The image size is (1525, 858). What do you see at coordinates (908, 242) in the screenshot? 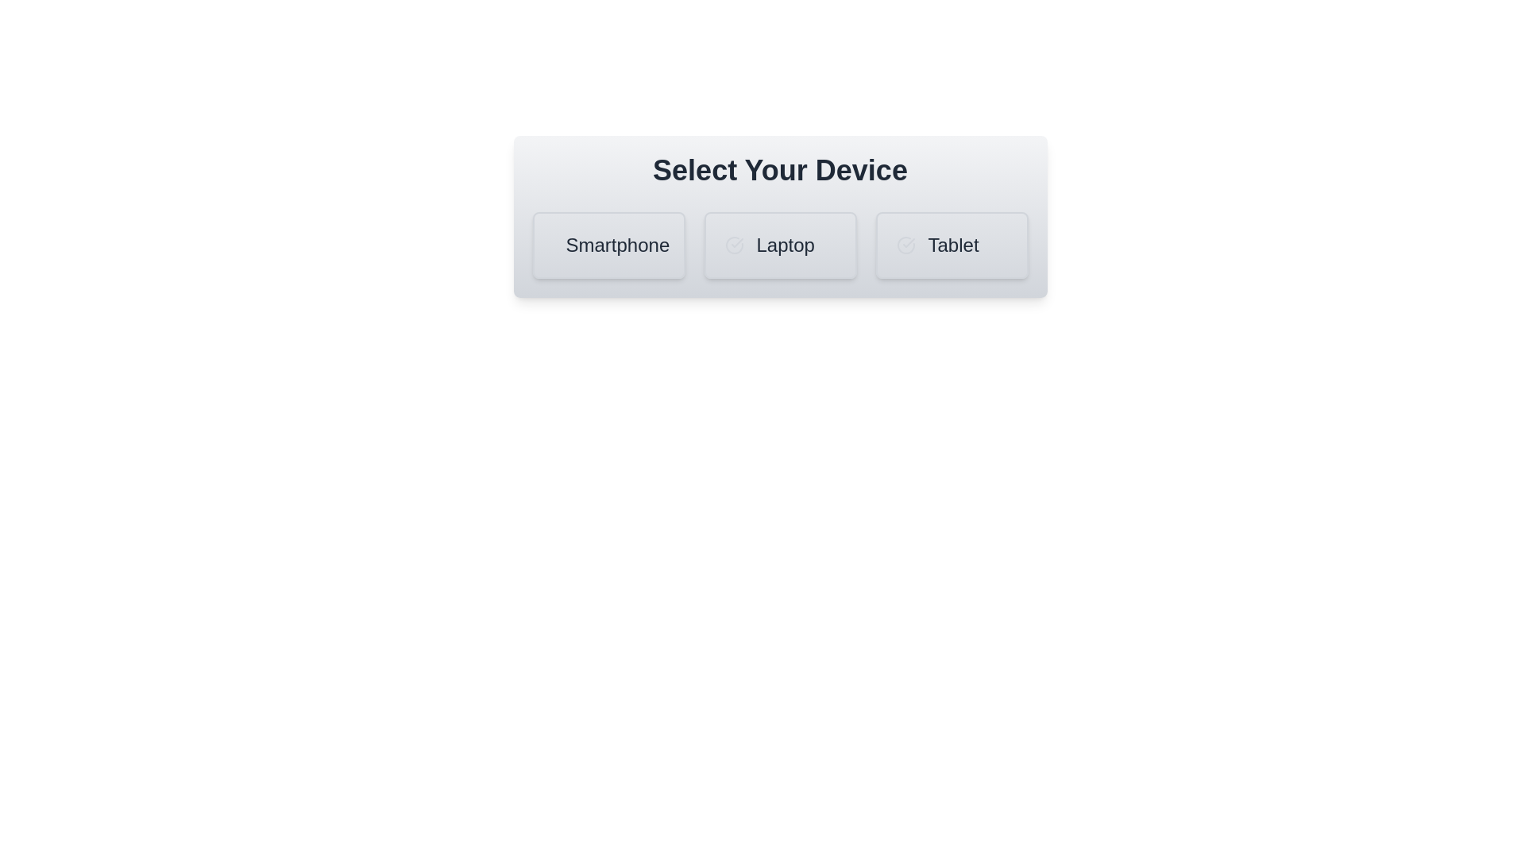
I see `the active selection indicator icon located to the right of the 'Tablet' label in the user interface, which visually indicates that the option is selected` at bounding box center [908, 242].